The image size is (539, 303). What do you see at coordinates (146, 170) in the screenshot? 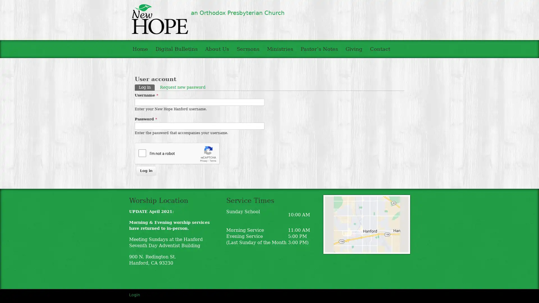
I see `Log in` at bounding box center [146, 170].